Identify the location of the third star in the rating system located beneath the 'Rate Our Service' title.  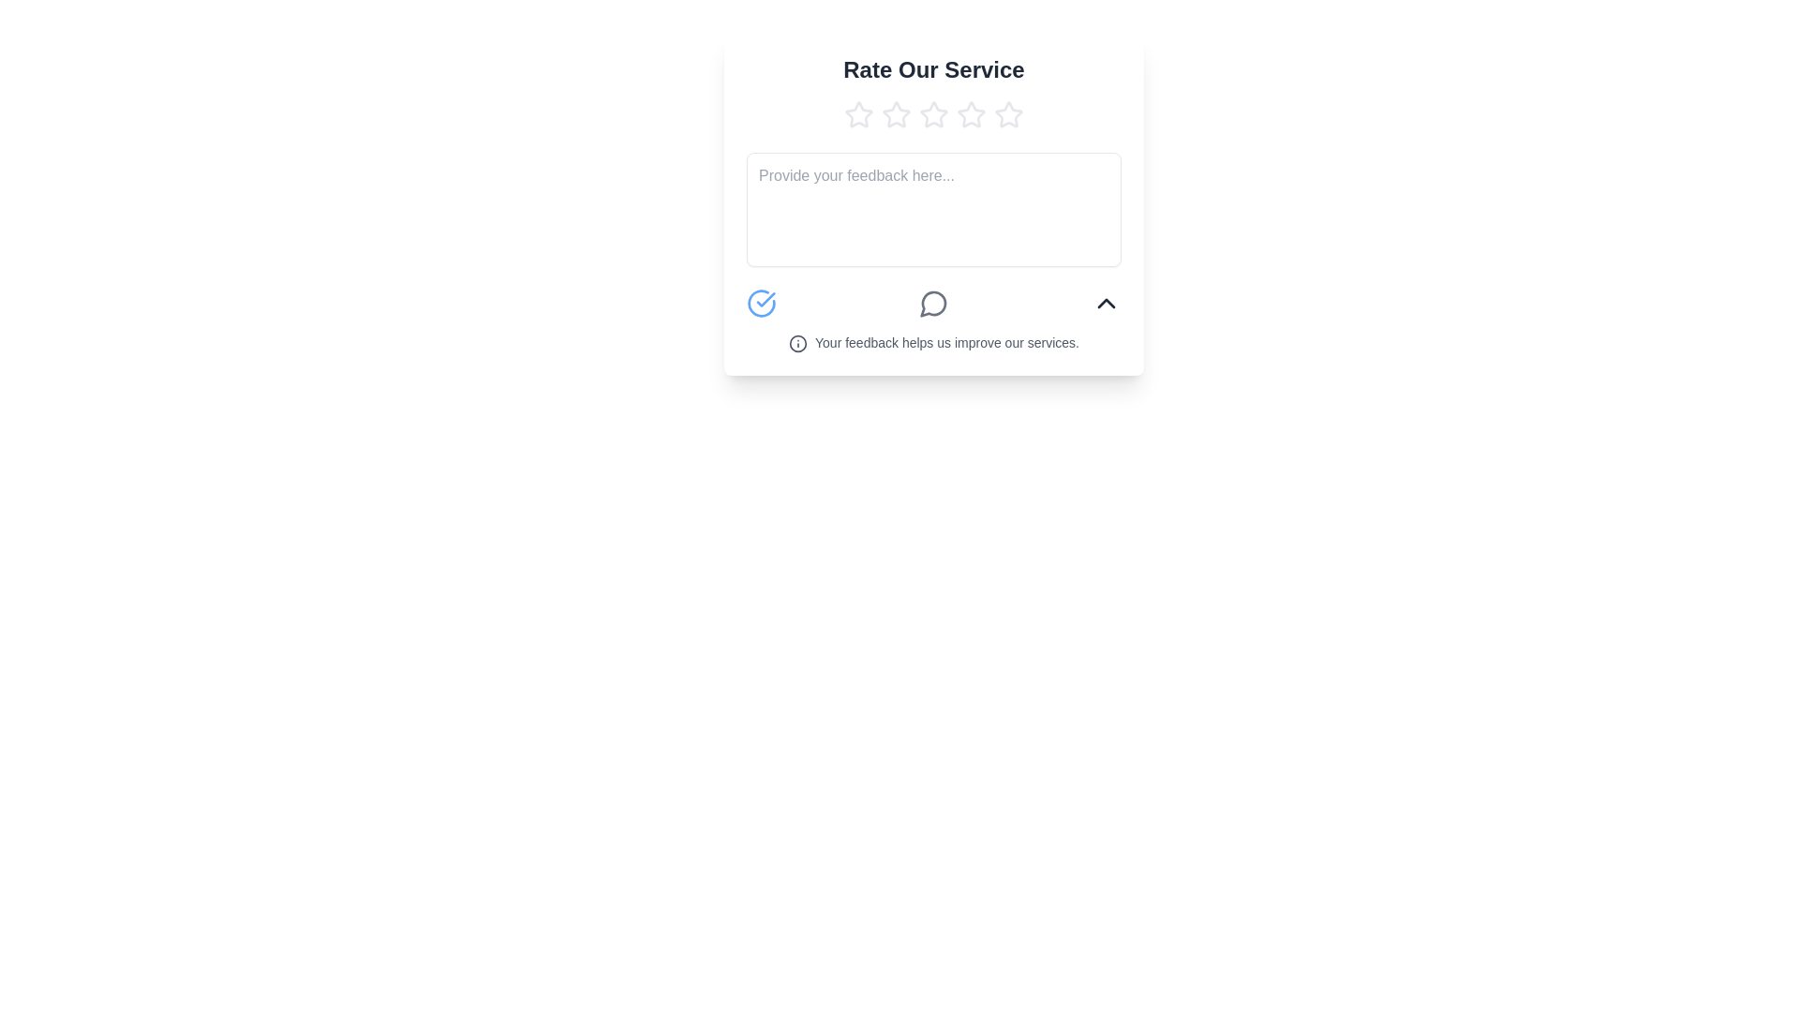
(971, 115).